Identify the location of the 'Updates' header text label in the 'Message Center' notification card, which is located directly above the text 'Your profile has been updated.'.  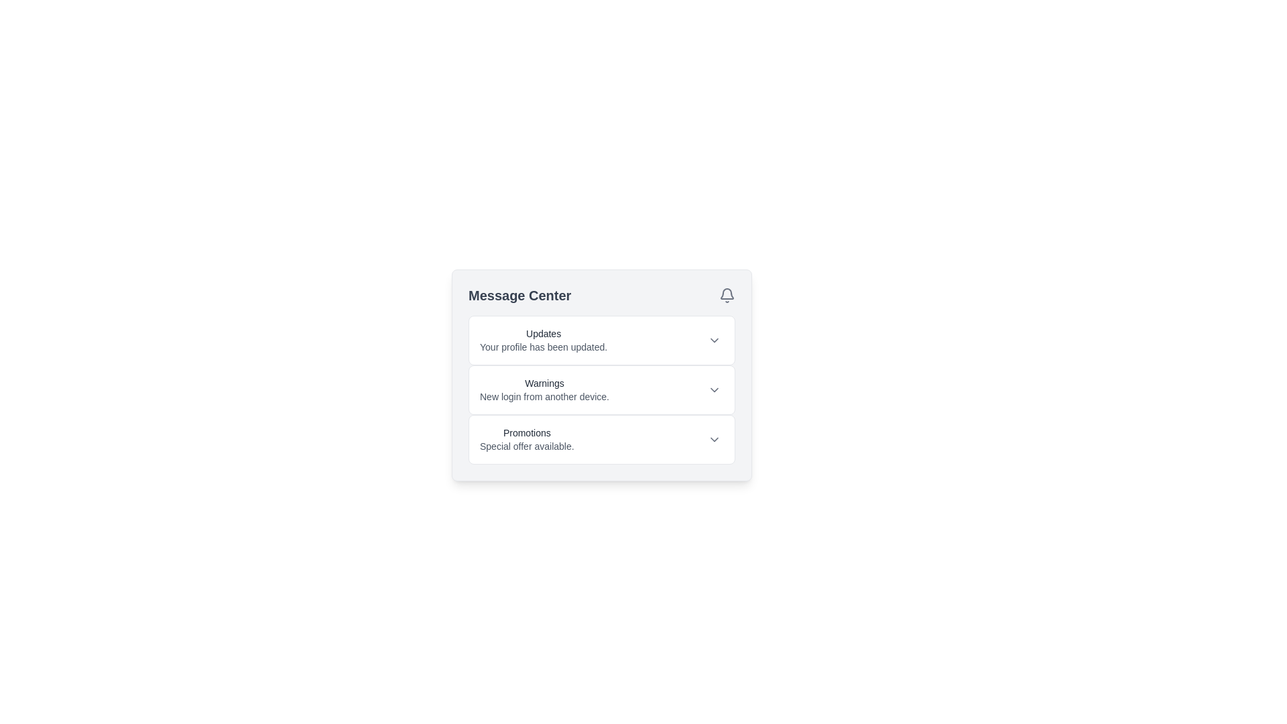
(544, 333).